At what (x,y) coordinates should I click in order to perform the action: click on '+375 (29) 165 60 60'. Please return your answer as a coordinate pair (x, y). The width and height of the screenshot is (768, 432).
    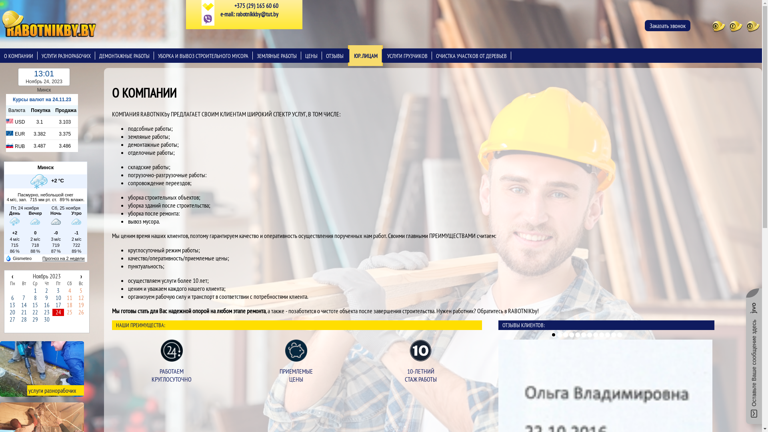
    Looking at the image, I should click on (249, 6).